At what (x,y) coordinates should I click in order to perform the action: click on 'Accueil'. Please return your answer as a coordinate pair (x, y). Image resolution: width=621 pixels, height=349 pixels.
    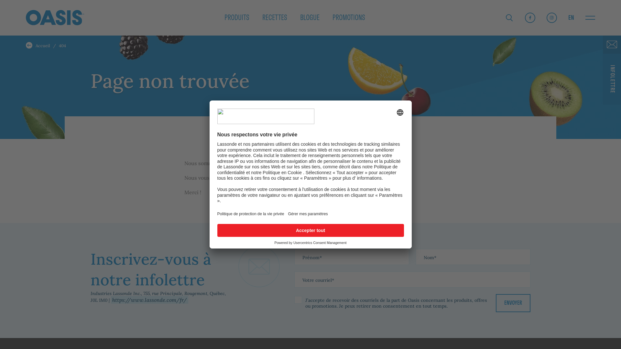
    Looking at the image, I should click on (30, 45).